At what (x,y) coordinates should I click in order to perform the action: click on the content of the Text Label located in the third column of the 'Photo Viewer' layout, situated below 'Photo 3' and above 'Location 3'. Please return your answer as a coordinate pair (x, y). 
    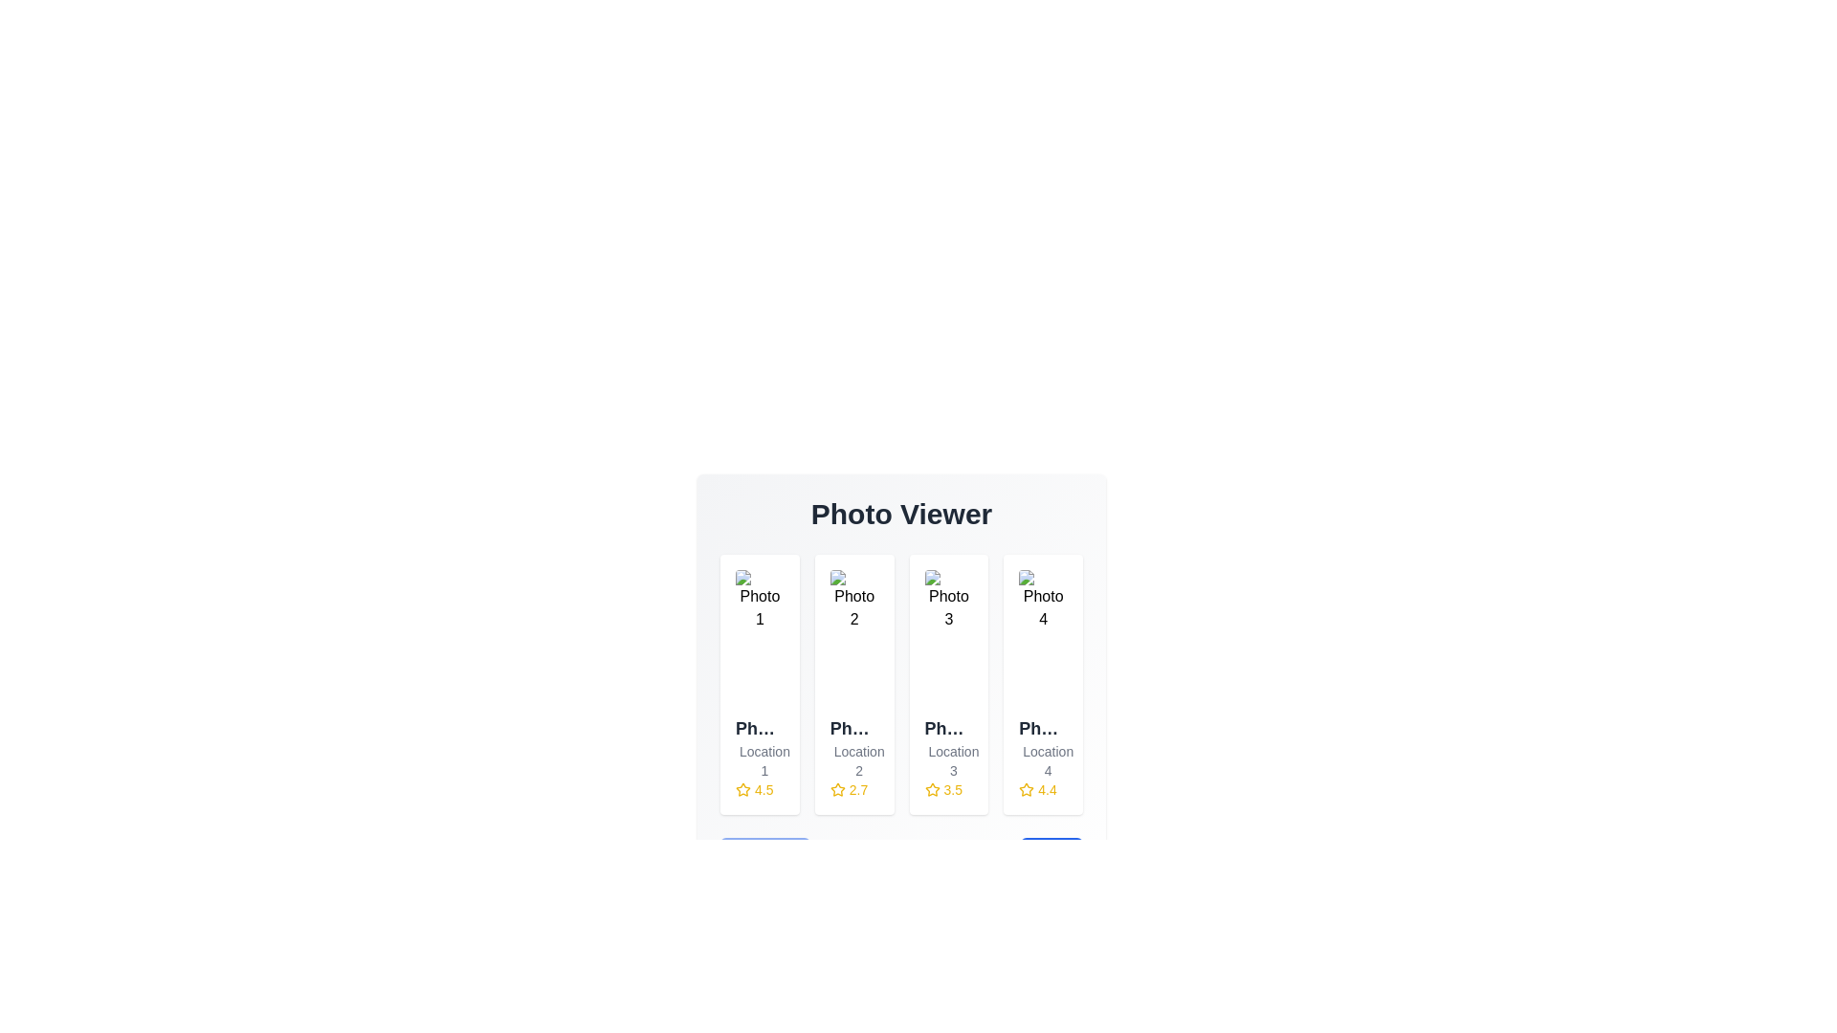
    Looking at the image, I should click on (948, 729).